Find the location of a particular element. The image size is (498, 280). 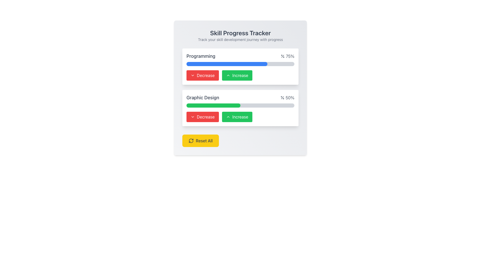

the circular refresh icon located within the yellow 'Reset All' button is located at coordinates (191, 141).